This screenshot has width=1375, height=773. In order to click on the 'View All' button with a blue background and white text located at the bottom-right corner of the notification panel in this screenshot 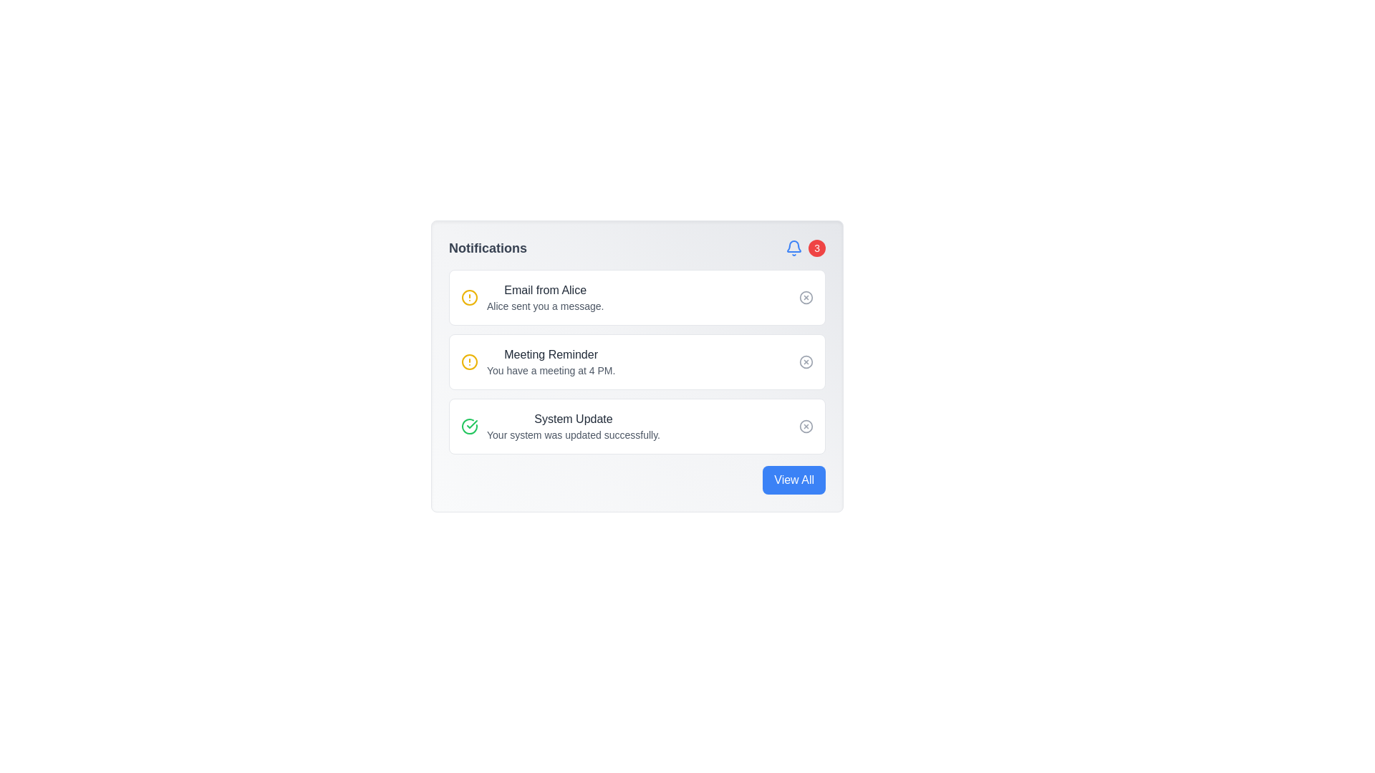, I will do `click(793, 480)`.